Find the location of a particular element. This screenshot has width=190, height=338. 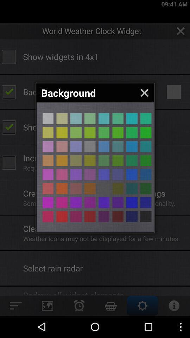

background colour is located at coordinates (90, 188).